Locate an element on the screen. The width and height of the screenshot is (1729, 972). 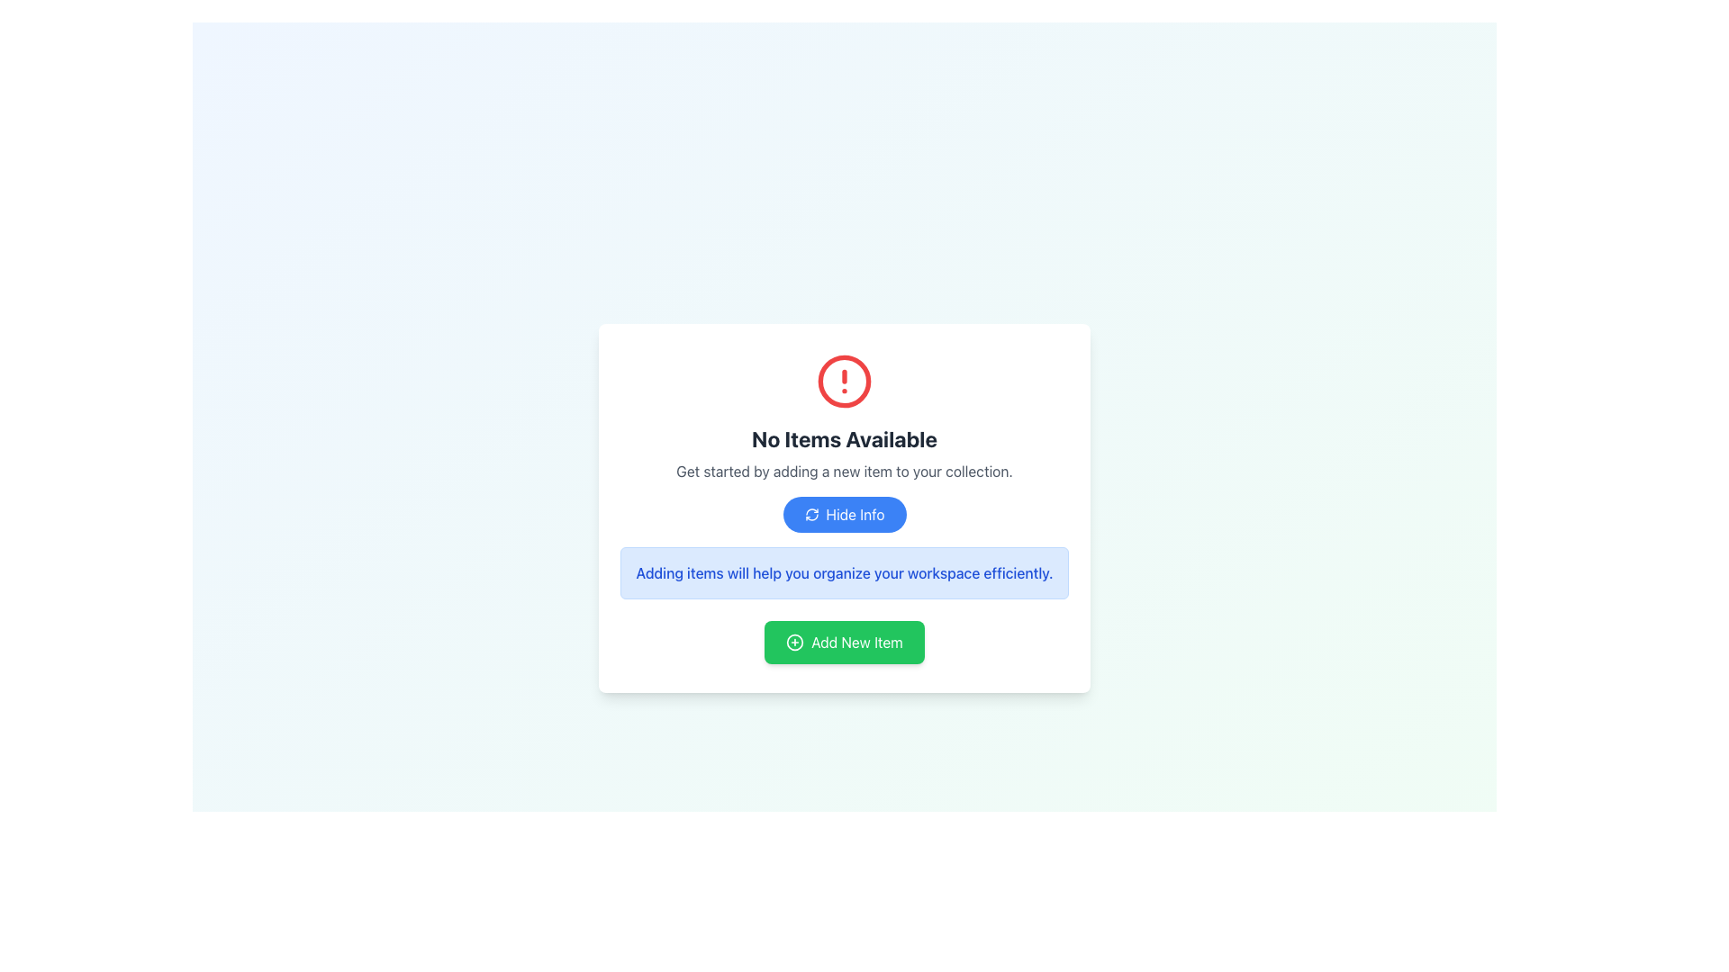
the Decorative Icon that visually represents an 'Add' action, located to the left of the 'Add New Item' button at the bottom center of the interactive card is located at coordinates (794, 641).